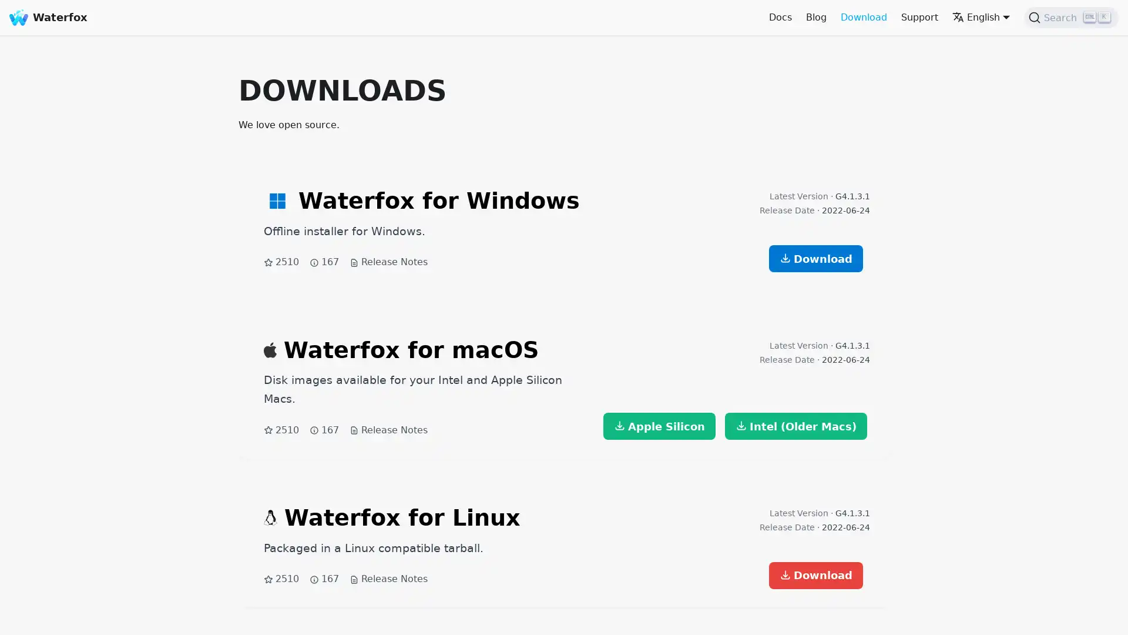  Describe the element at coordinates (815, 574) in the screenshot. I see `Download` at that location.